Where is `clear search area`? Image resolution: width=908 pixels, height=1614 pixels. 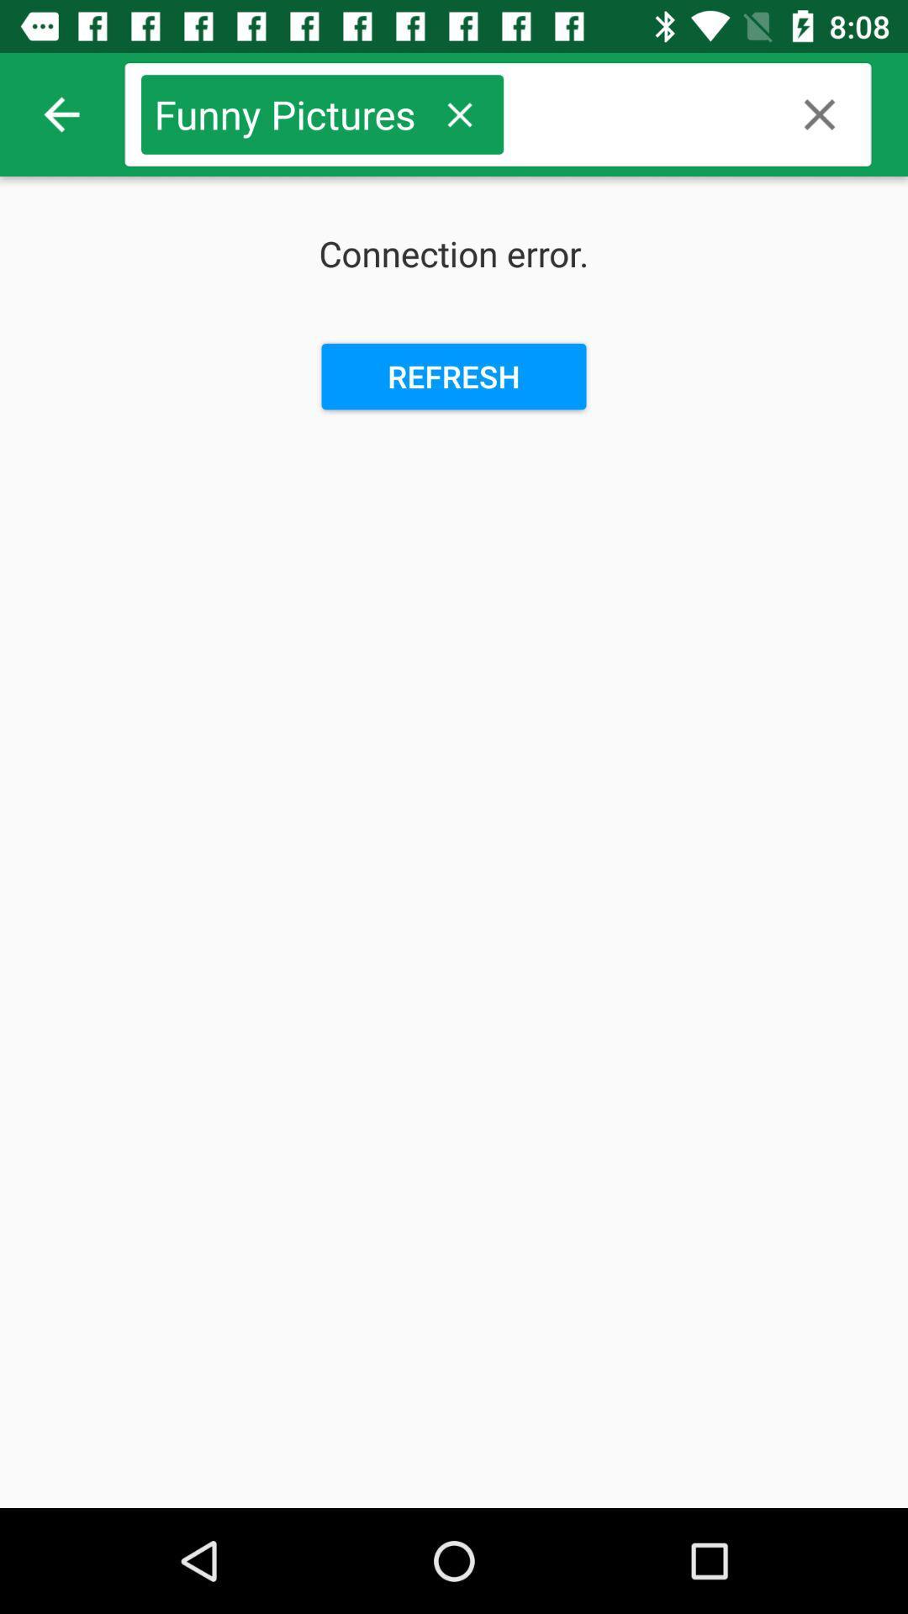
clear search area is located at coordinates (819, 113).